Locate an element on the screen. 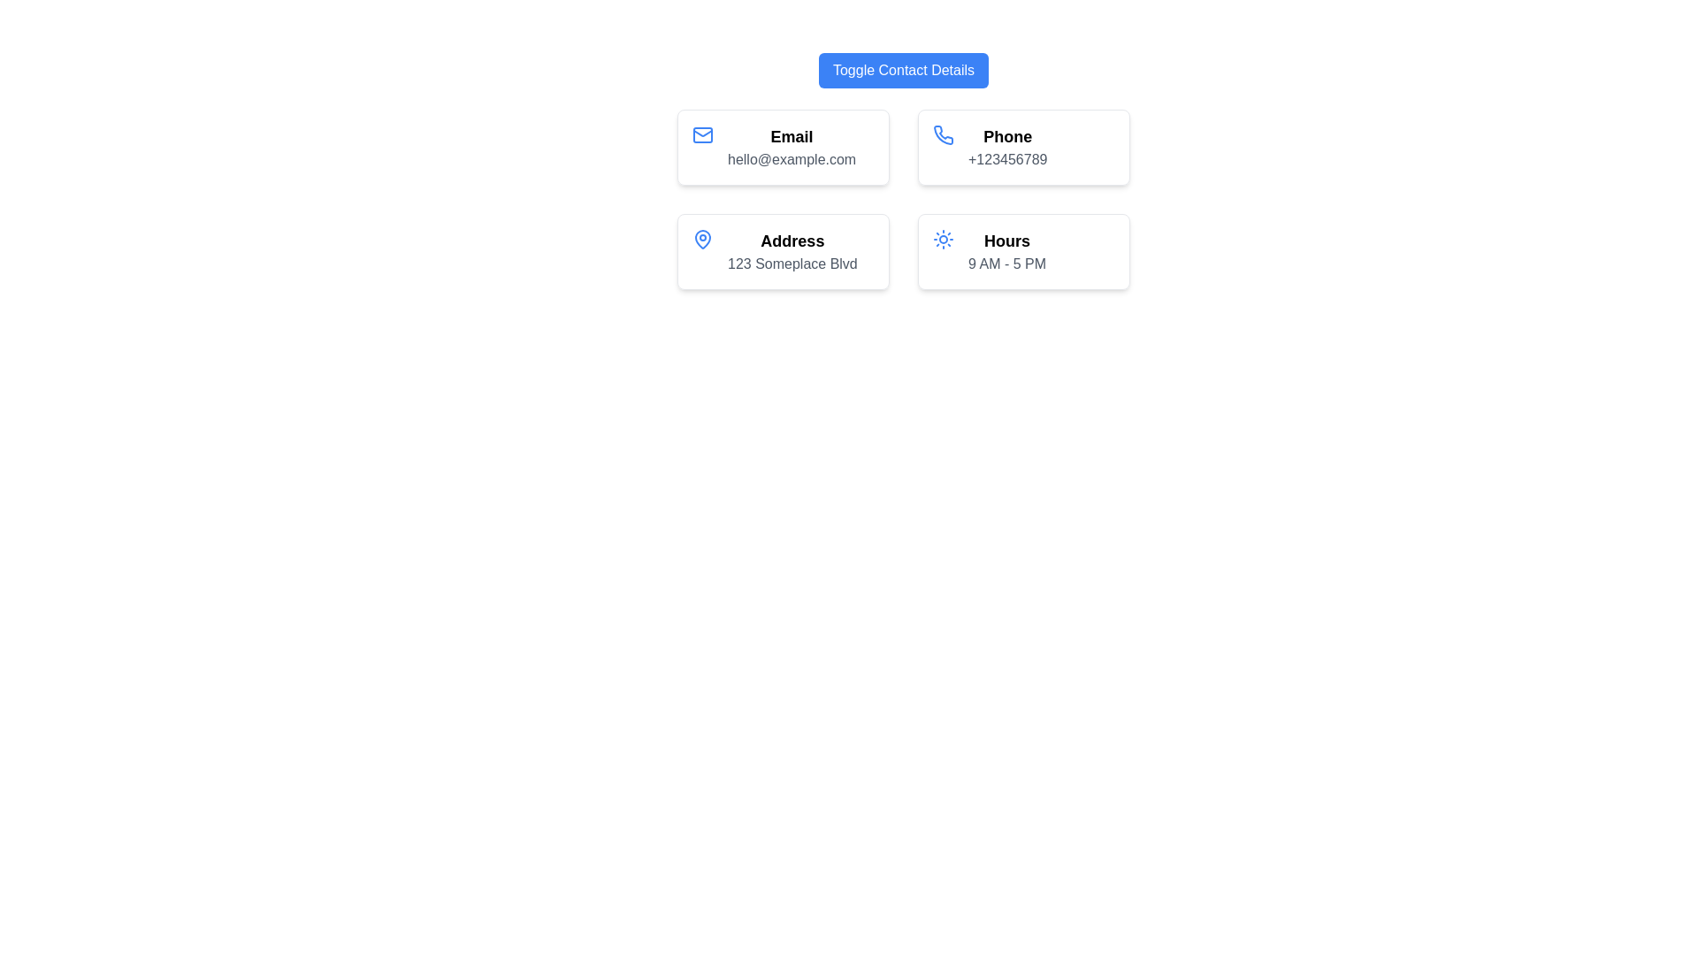  the Informational Display Card that provides information about the hours of operation, located in the second row and second column of the grid layout is located at coordinates (1023, 252).